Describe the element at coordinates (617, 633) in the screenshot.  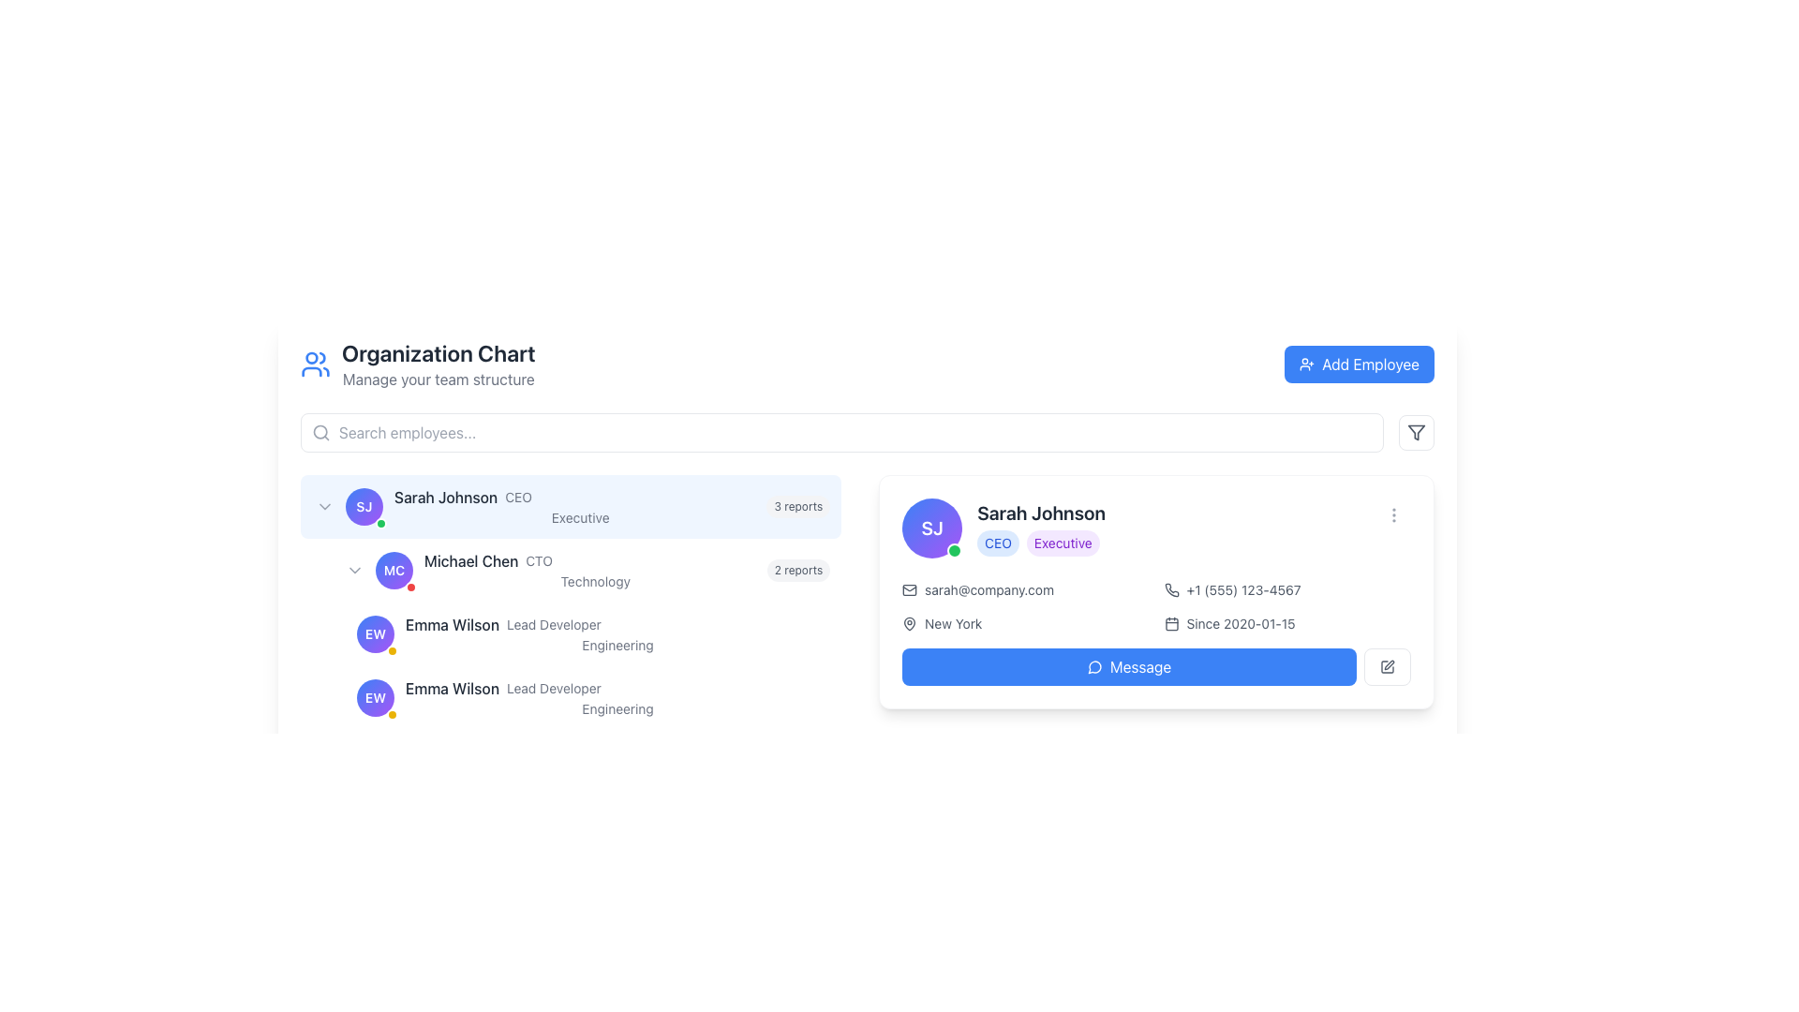
I see `the Text Display Component displaying 'Emma Wilson', which shows the name in bold followed by the role 'Lead Developer' and department 'Engineering'. This component is positioned in the left column of the interface, below 'Michael Chen'` at that location.